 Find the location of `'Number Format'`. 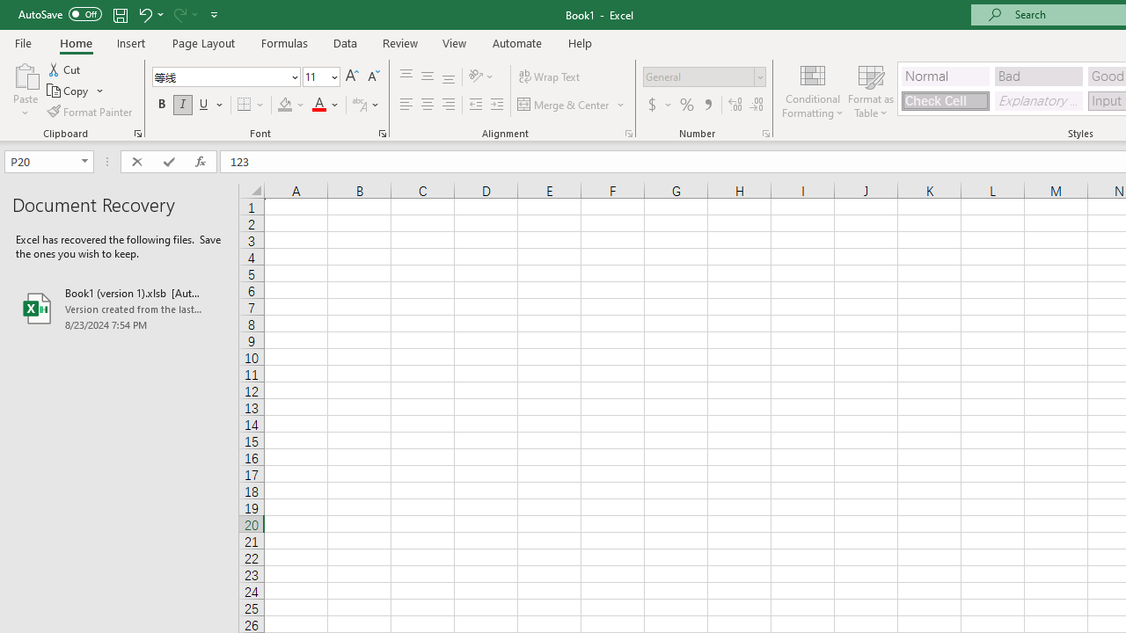

'Number Format' is located at coordinates (698, 76).